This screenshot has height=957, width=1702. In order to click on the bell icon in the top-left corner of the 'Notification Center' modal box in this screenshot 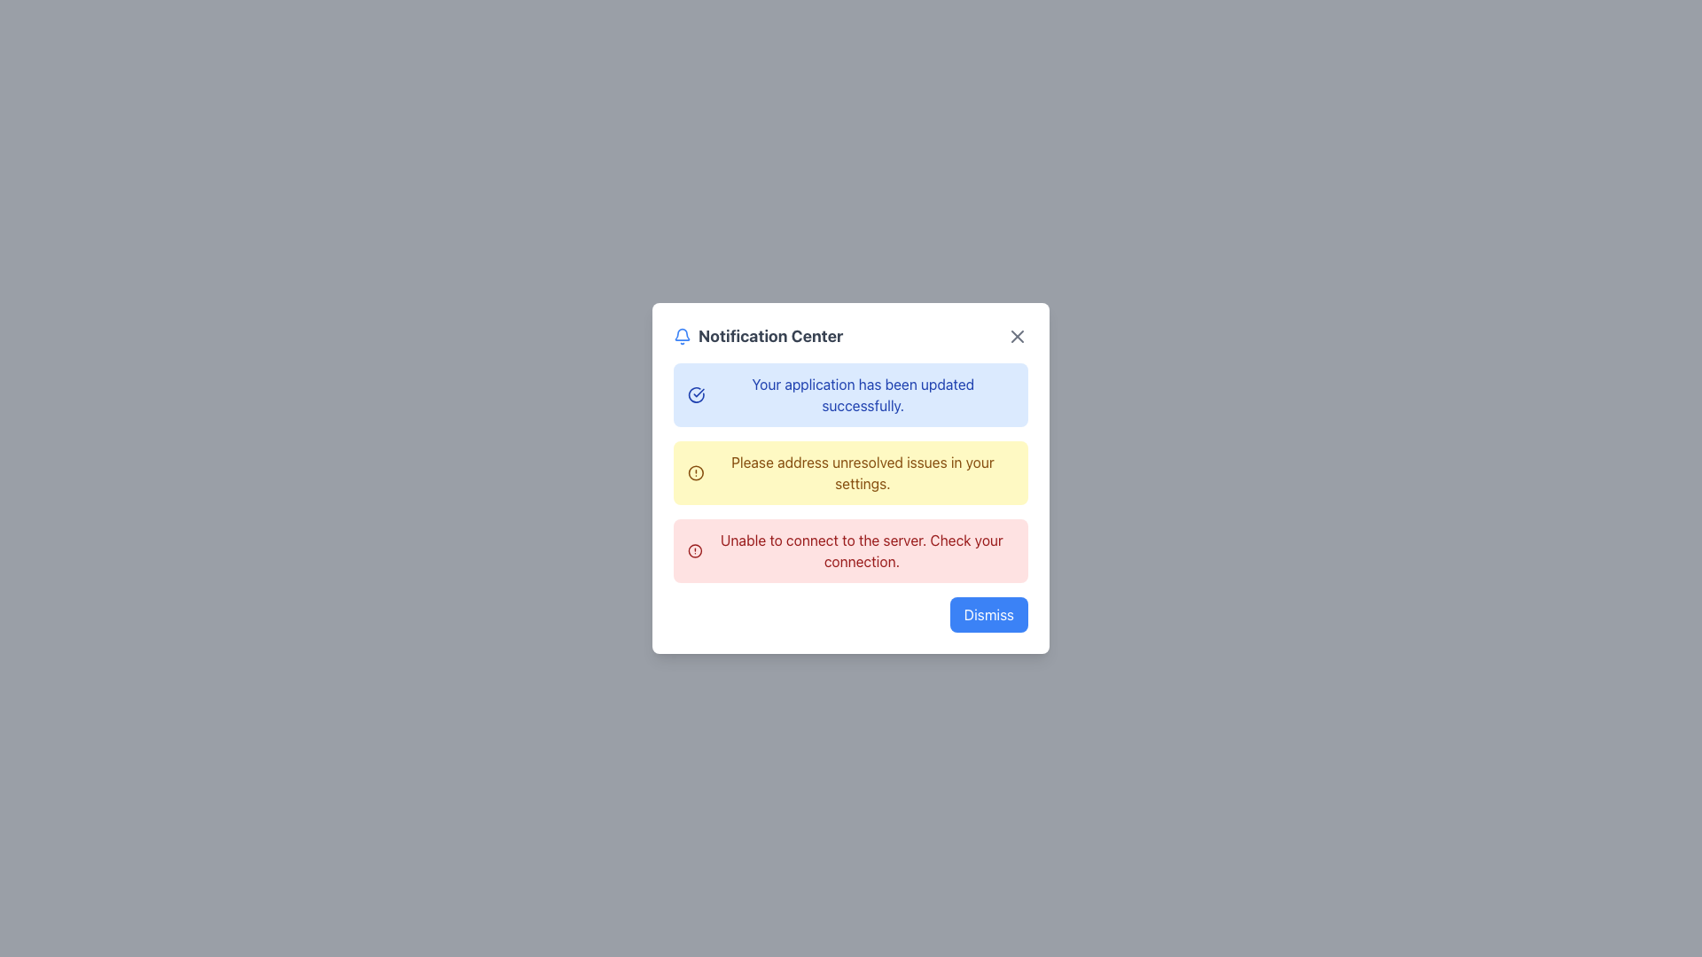, I will do `click(681, 334)`.